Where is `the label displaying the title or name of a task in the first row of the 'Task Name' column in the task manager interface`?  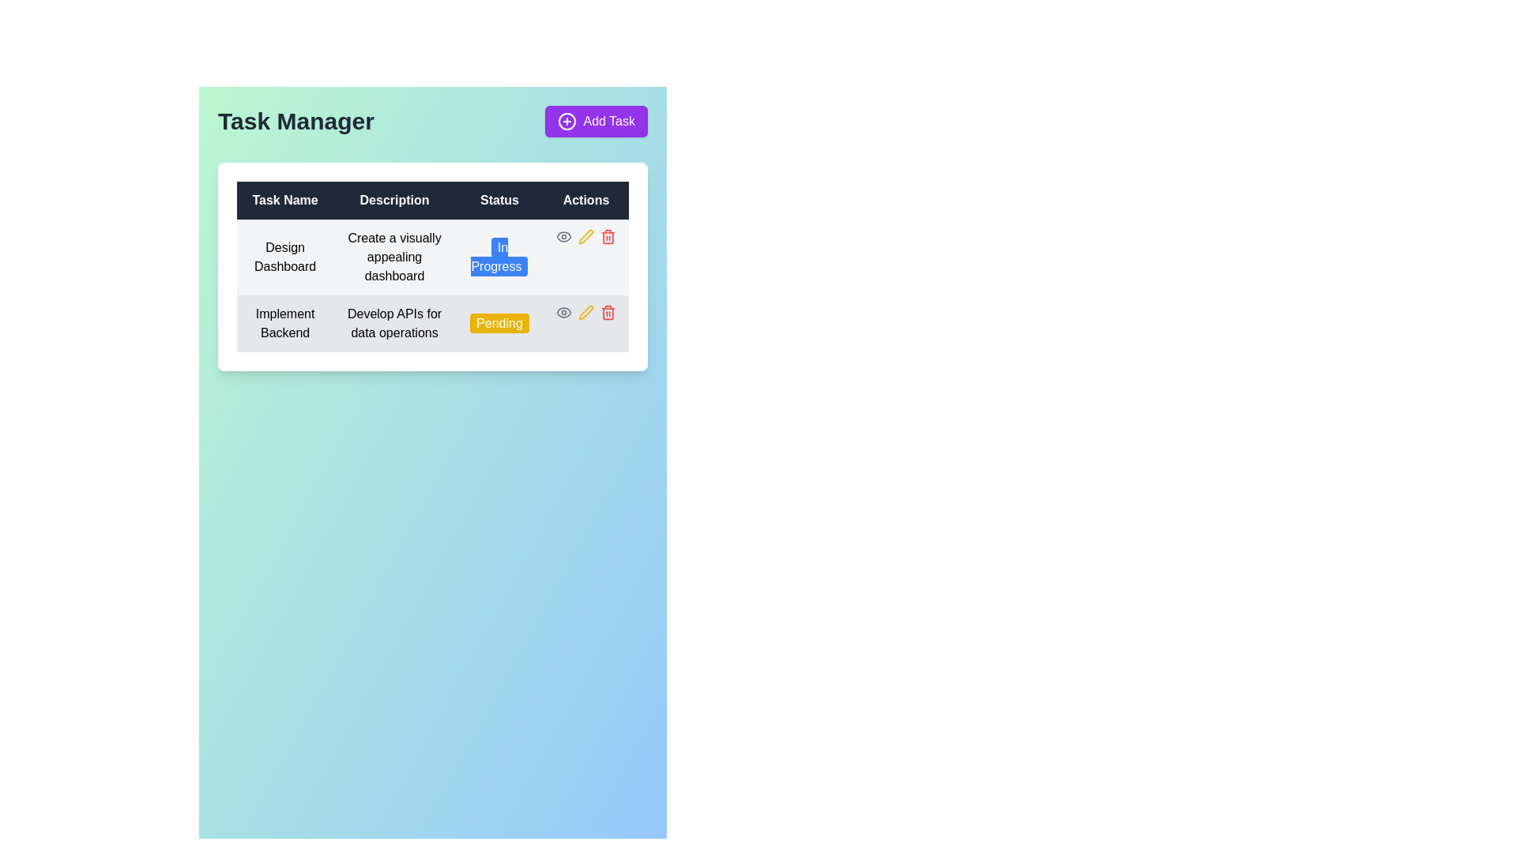 the label displaying the title or name of a task in the first row of the 'Task Name' column in the task manager interface is located at coordinates (285, 257).